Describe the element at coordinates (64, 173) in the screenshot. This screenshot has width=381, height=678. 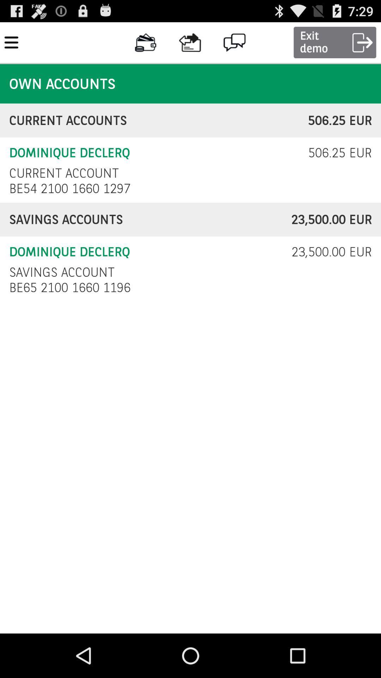
I see `current account` at that location.